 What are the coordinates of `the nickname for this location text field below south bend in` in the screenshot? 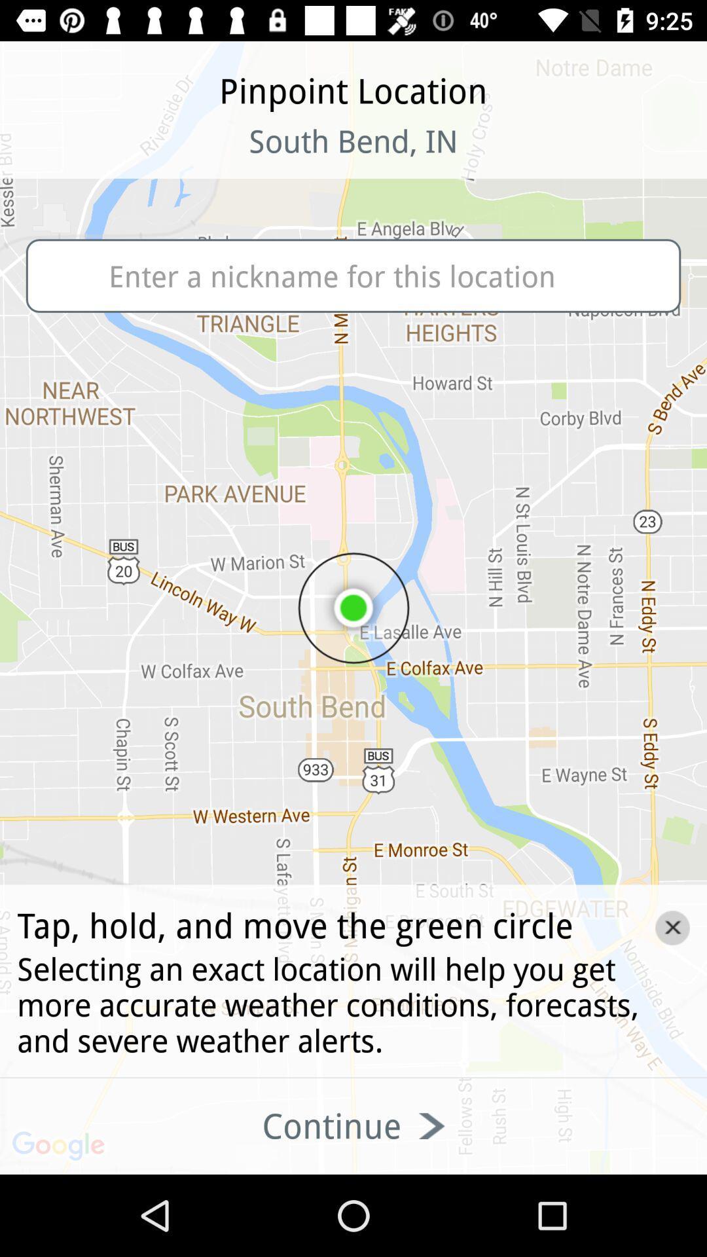 It's located at (353, 275).